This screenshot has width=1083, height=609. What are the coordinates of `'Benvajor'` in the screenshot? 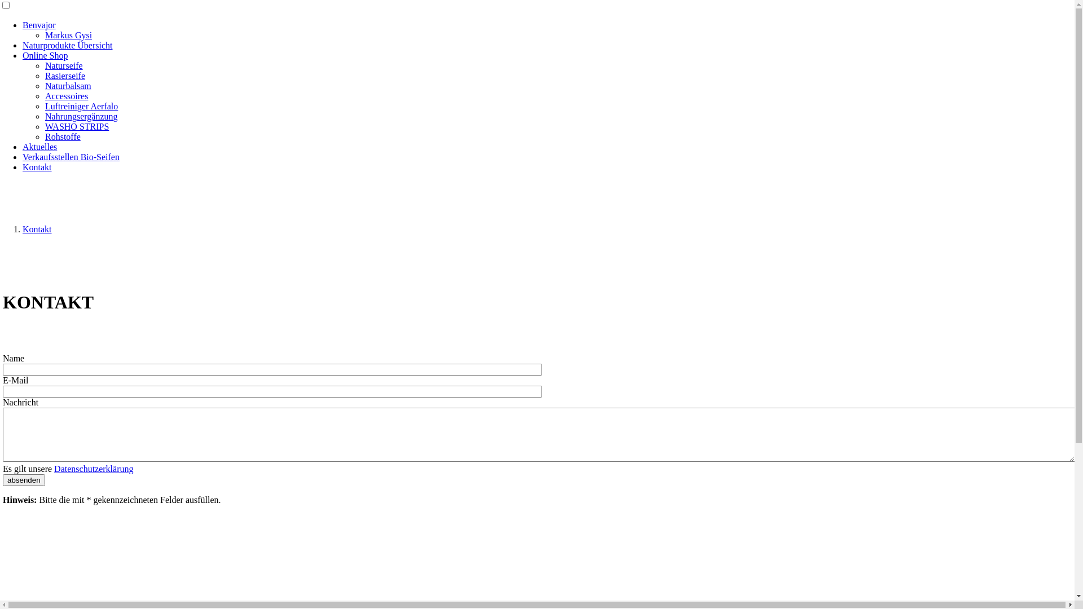 It's located at (22, 25).